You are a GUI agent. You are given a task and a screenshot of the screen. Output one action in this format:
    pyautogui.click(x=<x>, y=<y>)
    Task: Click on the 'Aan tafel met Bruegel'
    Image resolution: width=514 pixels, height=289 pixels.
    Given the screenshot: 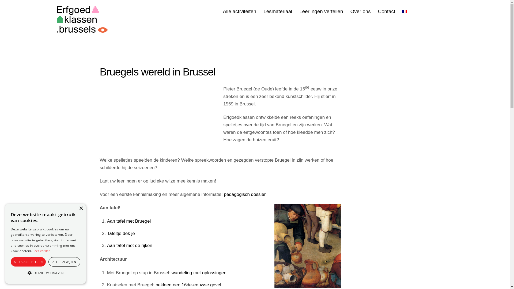 What is the action you would take?
    pyautogui.click(x=129, y=221)
    